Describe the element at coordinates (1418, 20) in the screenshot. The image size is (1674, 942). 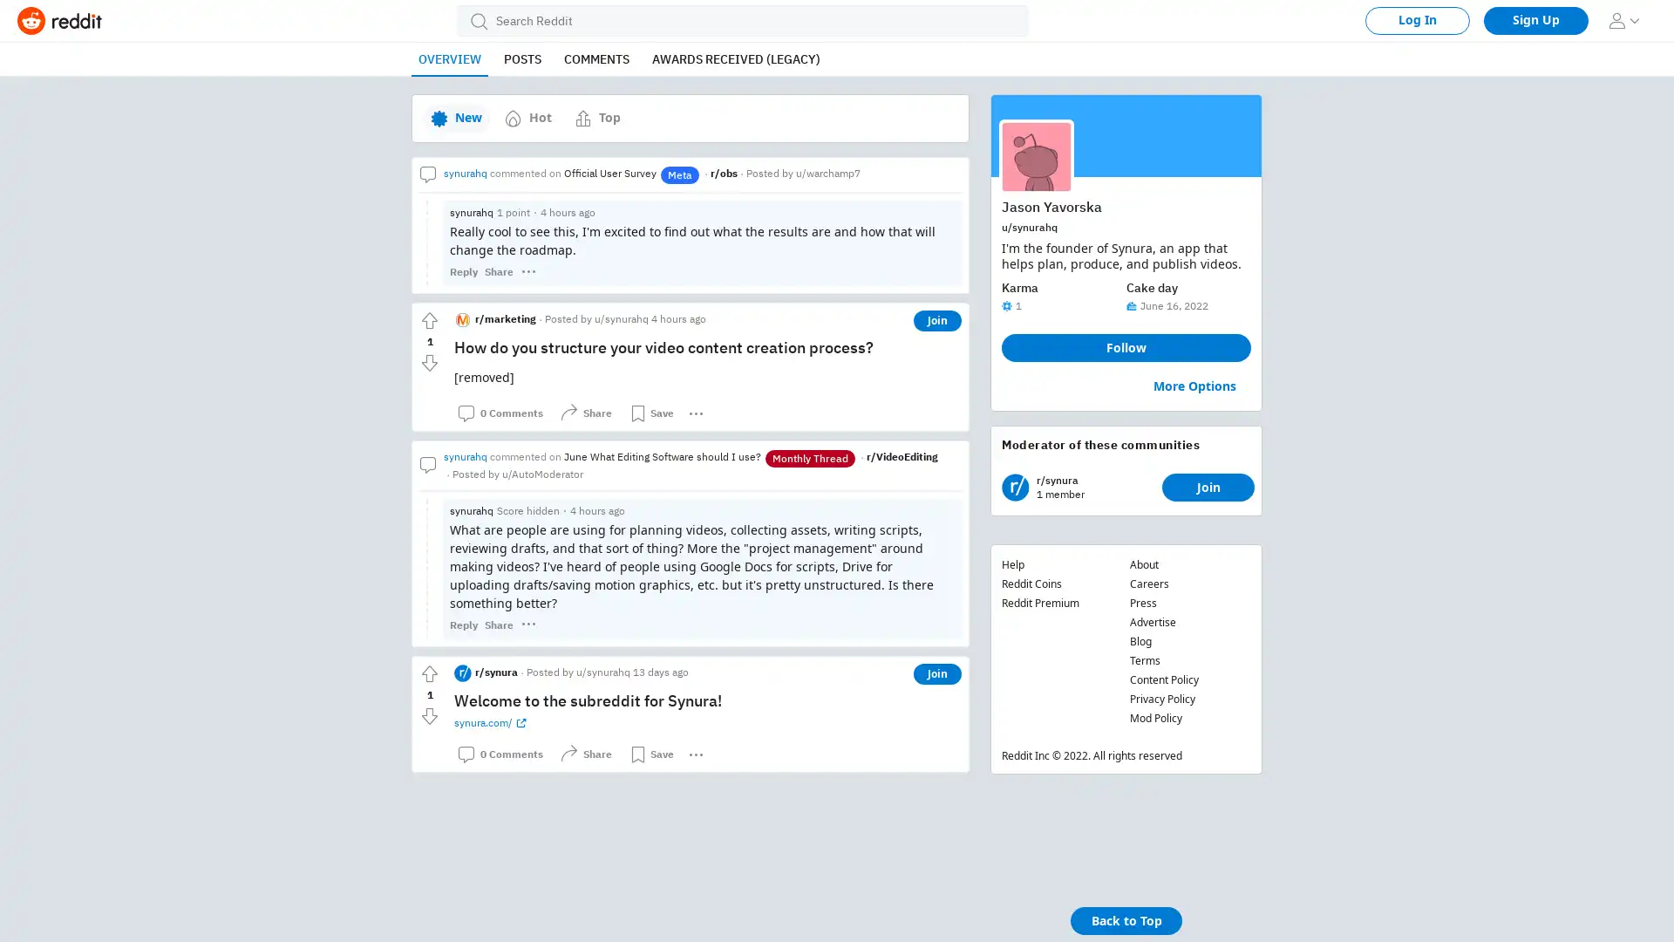
I see `Log In` at that location.